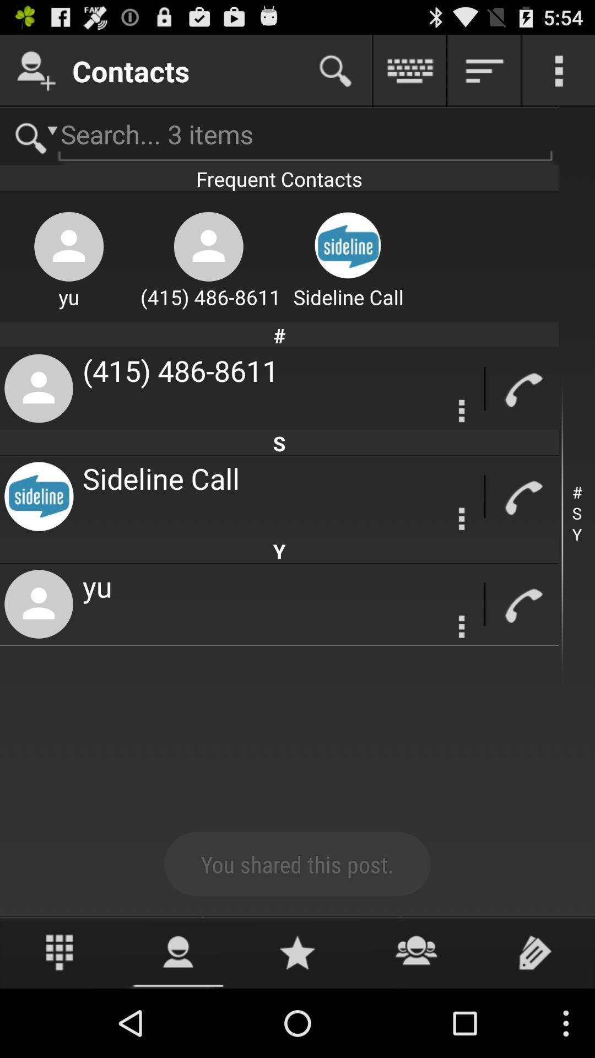 The height and width of the screenshot is (1058, 595). What do you see at coordinates (522, 388) in the screenshot?
I see `call this contact` at bounding box center [522, 388].